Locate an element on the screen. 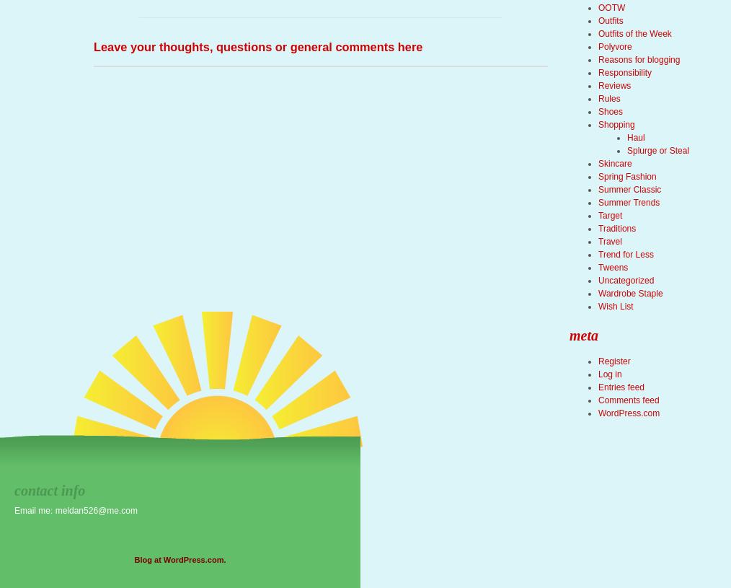 This screenshot has height=588, width=731. 'Log in' is located at coordinates (609, 374).